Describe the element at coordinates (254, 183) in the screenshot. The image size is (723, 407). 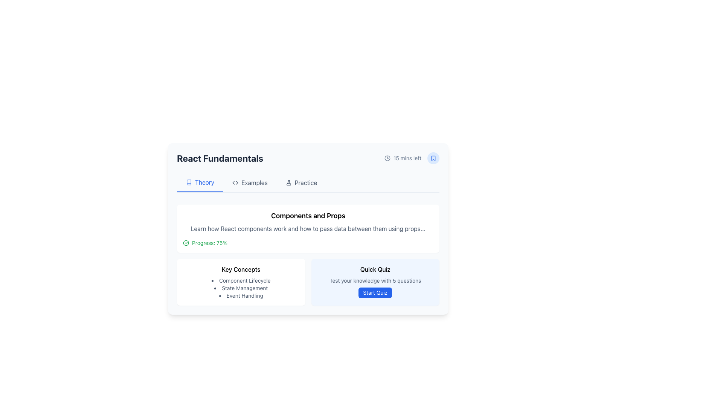
I see `the 'Examples' text label in the top navigation bar` at that location.